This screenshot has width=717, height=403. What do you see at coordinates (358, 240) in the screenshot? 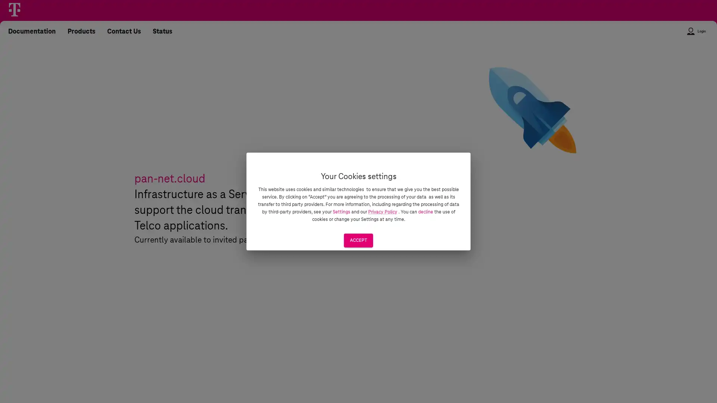
I see `ACCEPT` at bounding box center [358, 240].